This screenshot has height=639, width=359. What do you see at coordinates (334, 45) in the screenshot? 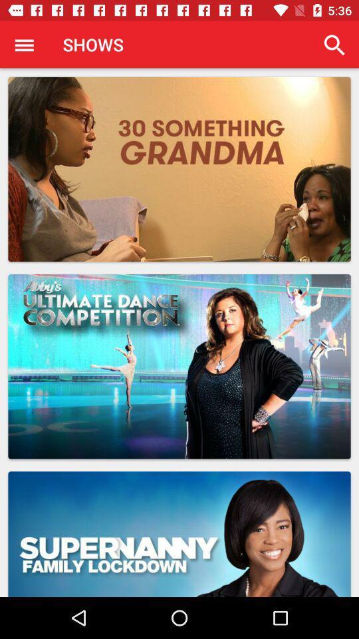
I see `icon to the right of the shows app` at bounding box center [334, 45].